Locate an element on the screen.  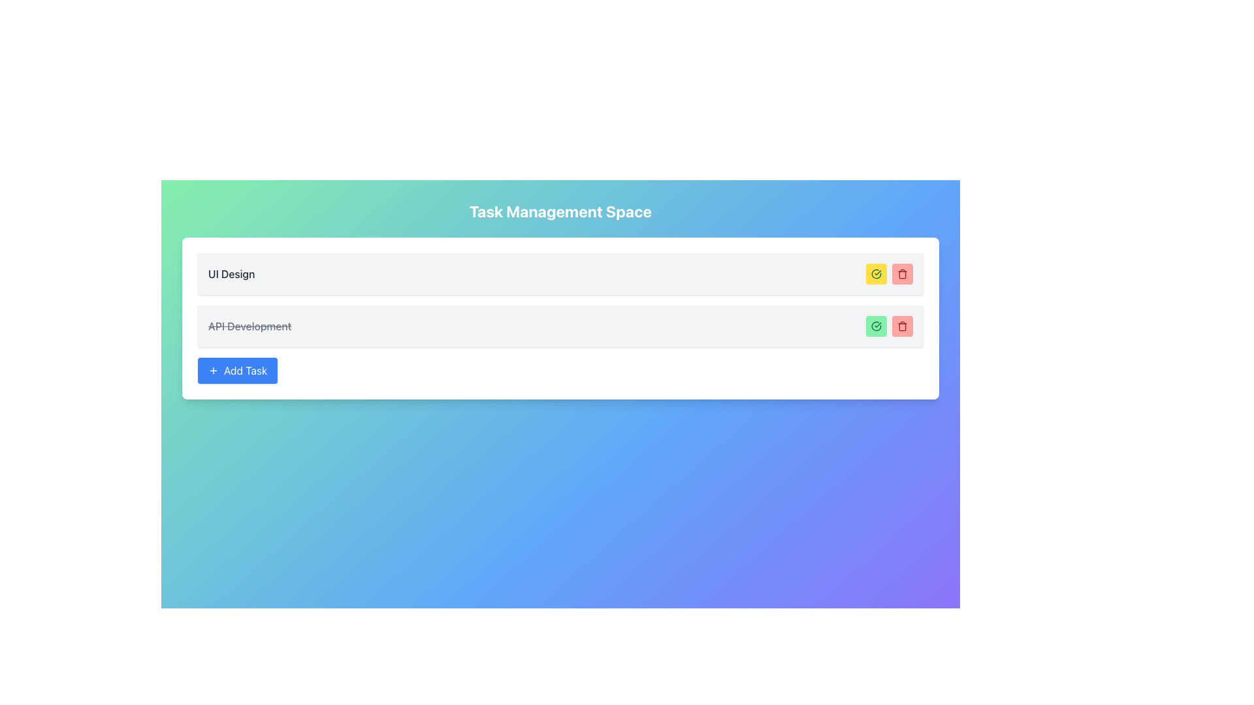
the 'Add Task' button, which is a rectangular button with a blue background and white text, located at the bottom-left corner of a task-related card is located at coordinates (238, 370).